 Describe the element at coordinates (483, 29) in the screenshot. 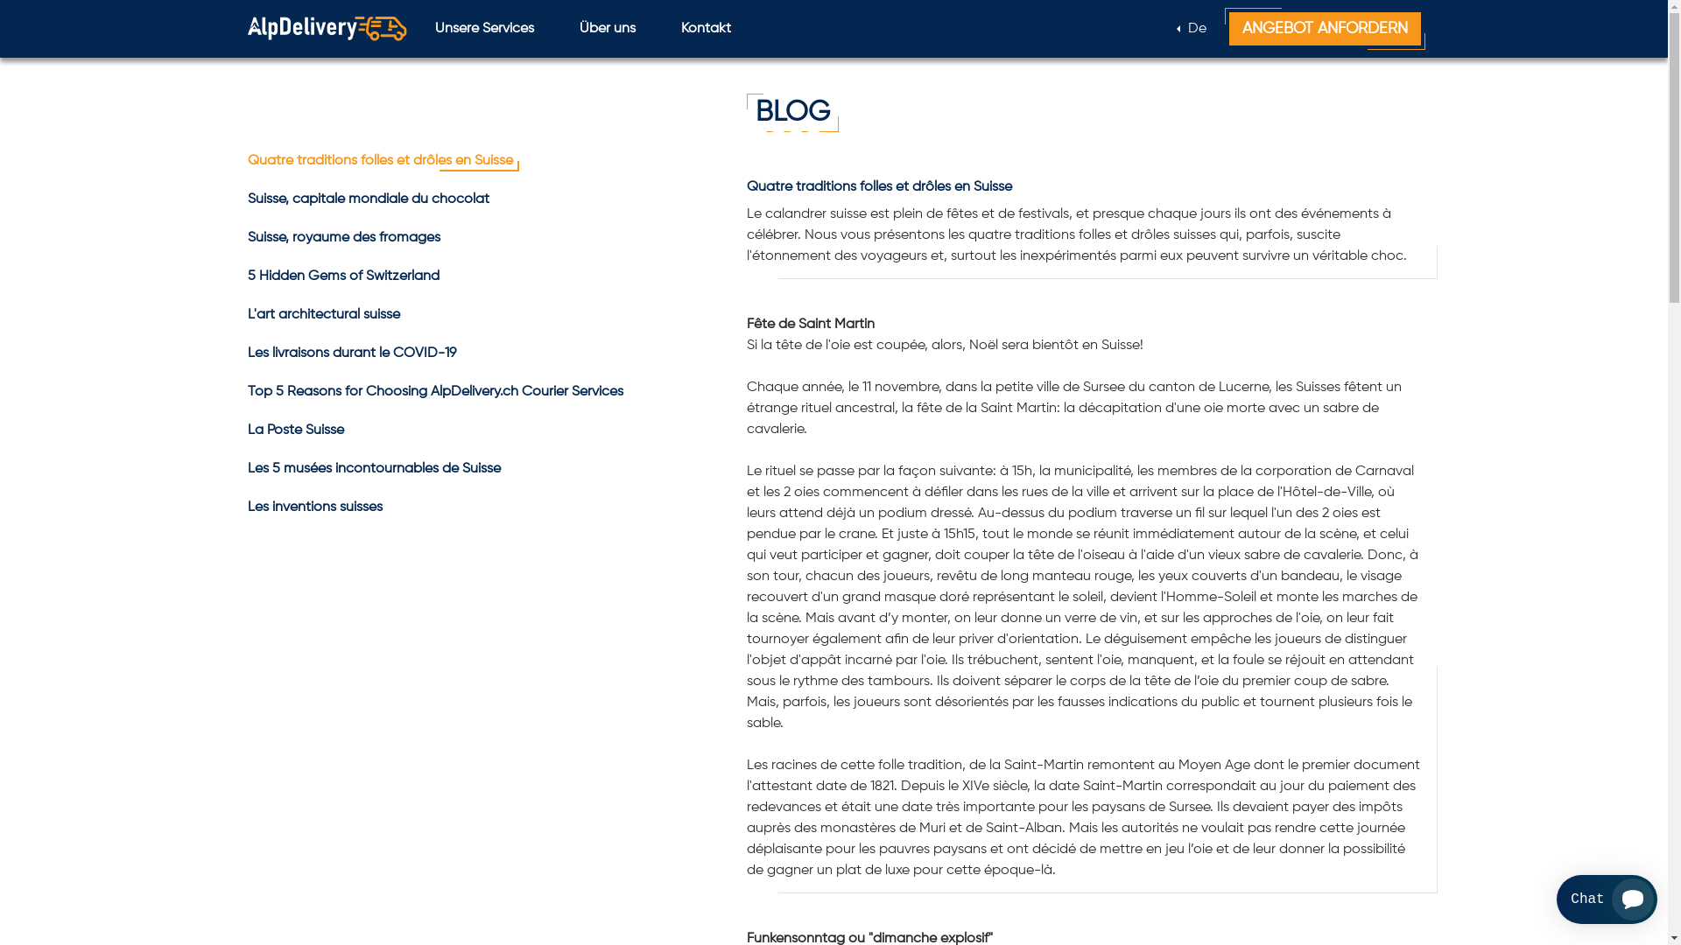

I see `'Unsere Services'` at that location.